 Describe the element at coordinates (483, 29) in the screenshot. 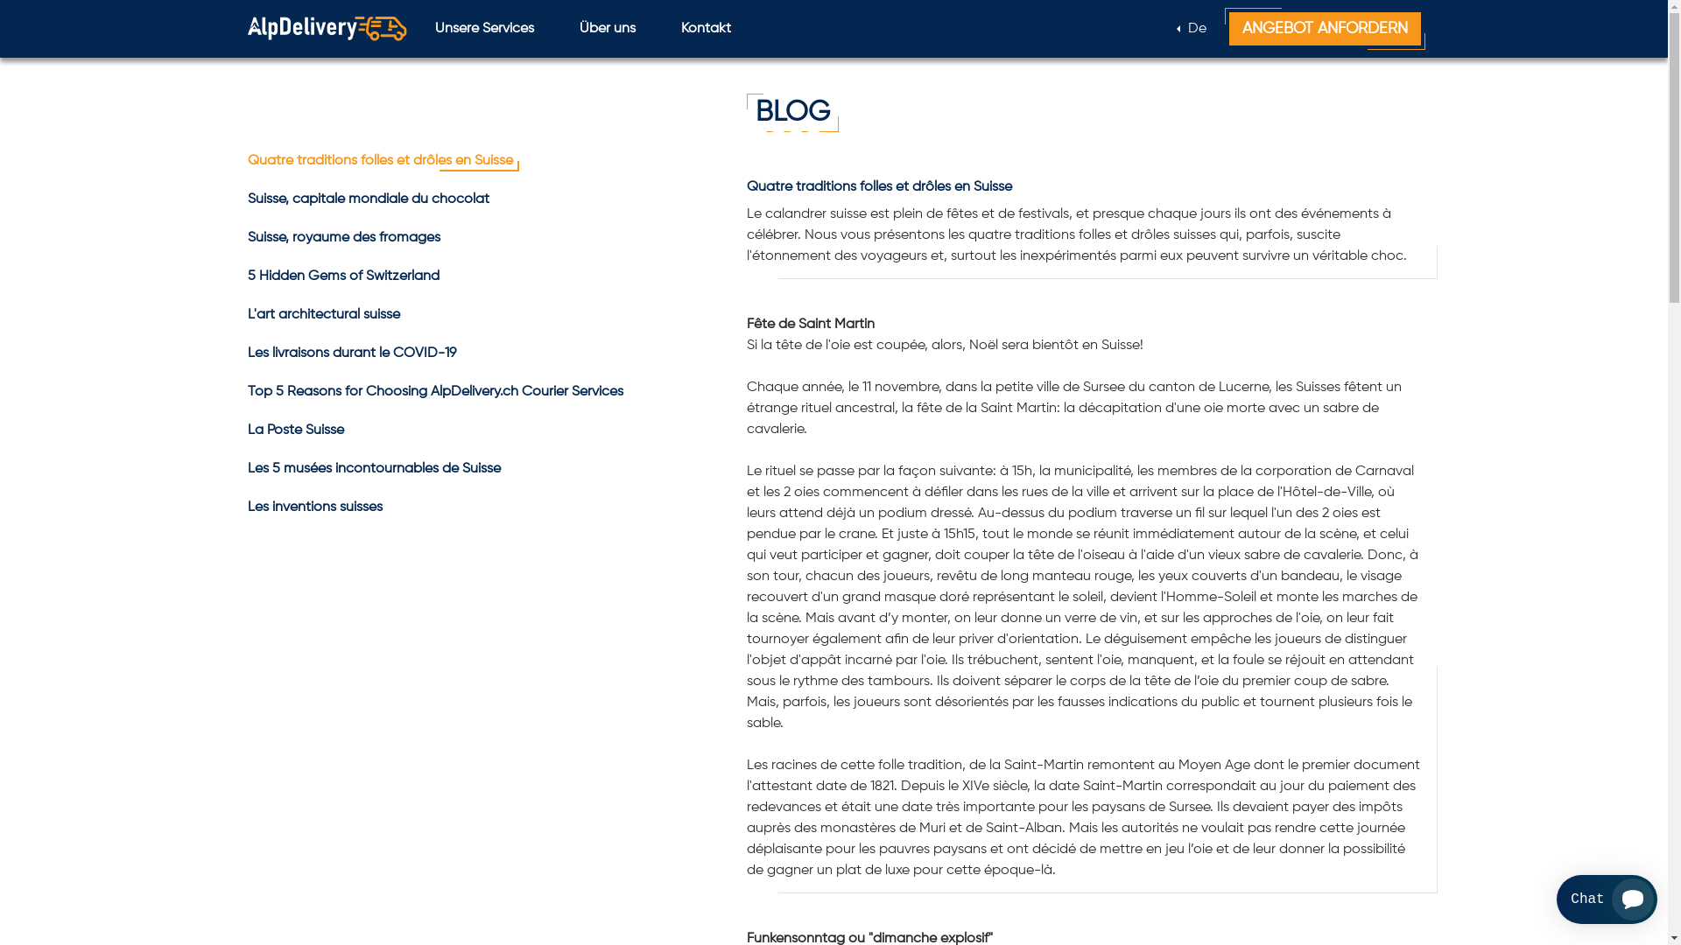

I see `'Unsere Services'` at that location.